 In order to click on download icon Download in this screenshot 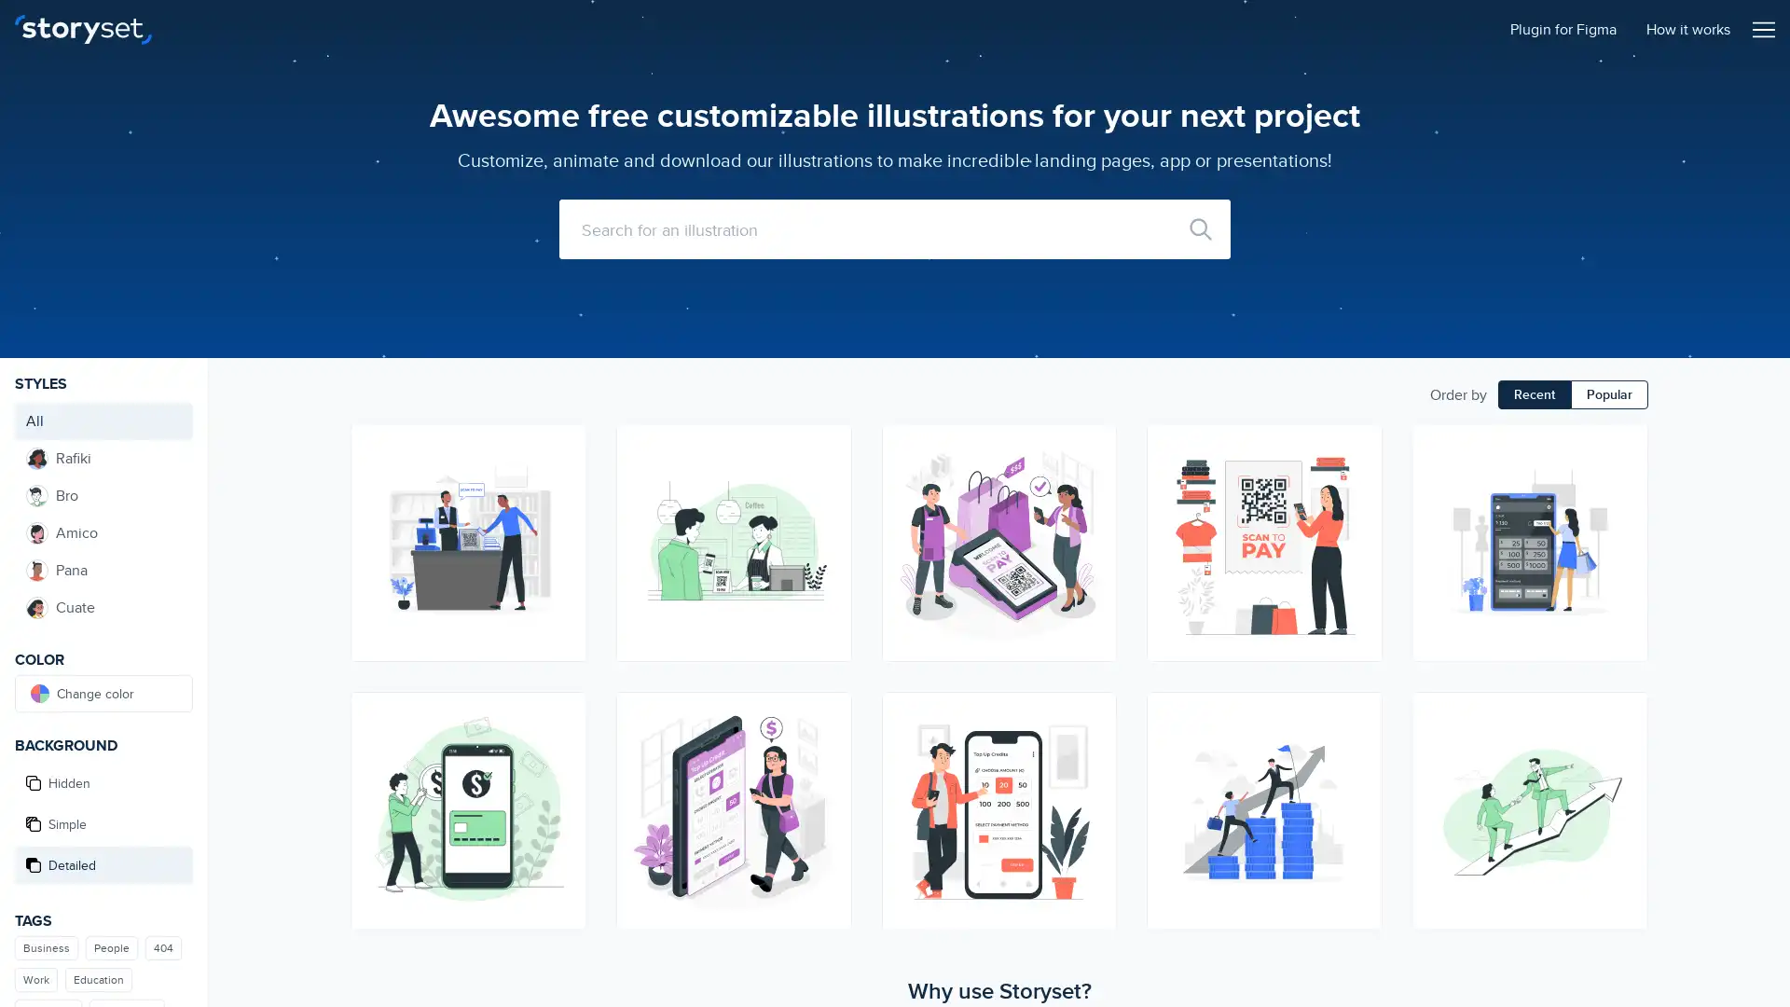, I will do `click(1623, 747)`.